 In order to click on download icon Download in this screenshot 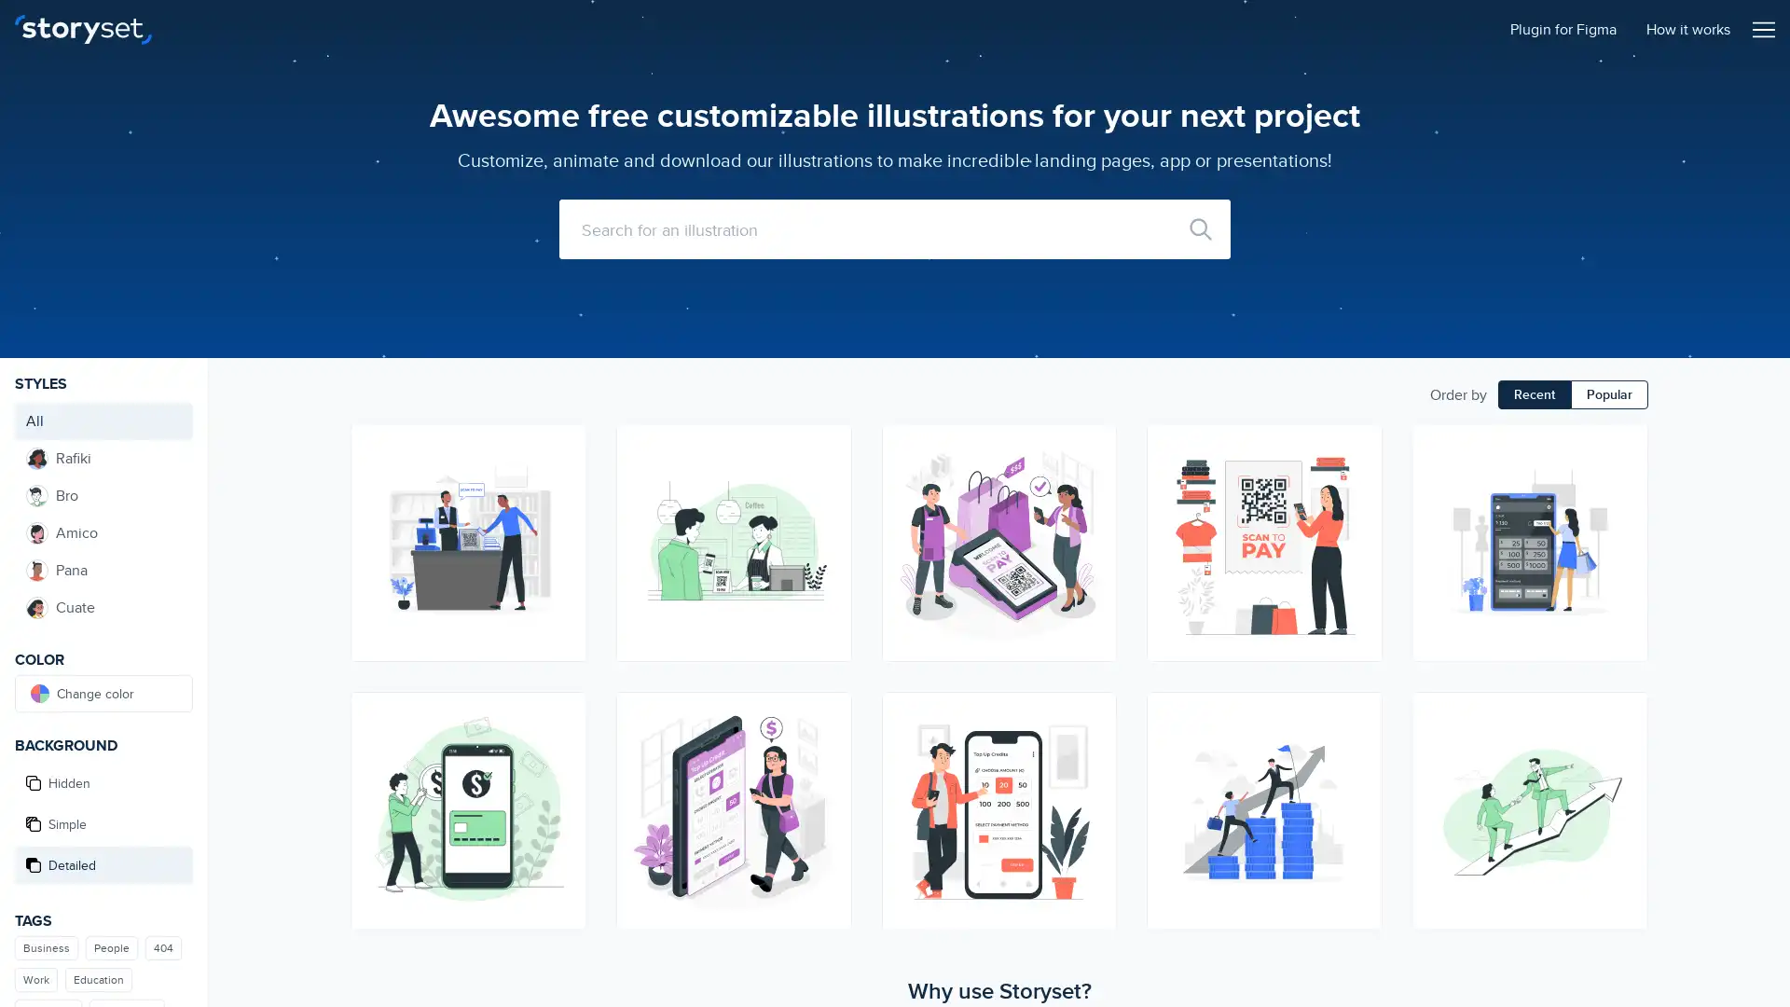, I will do `click(1623, 747)`.